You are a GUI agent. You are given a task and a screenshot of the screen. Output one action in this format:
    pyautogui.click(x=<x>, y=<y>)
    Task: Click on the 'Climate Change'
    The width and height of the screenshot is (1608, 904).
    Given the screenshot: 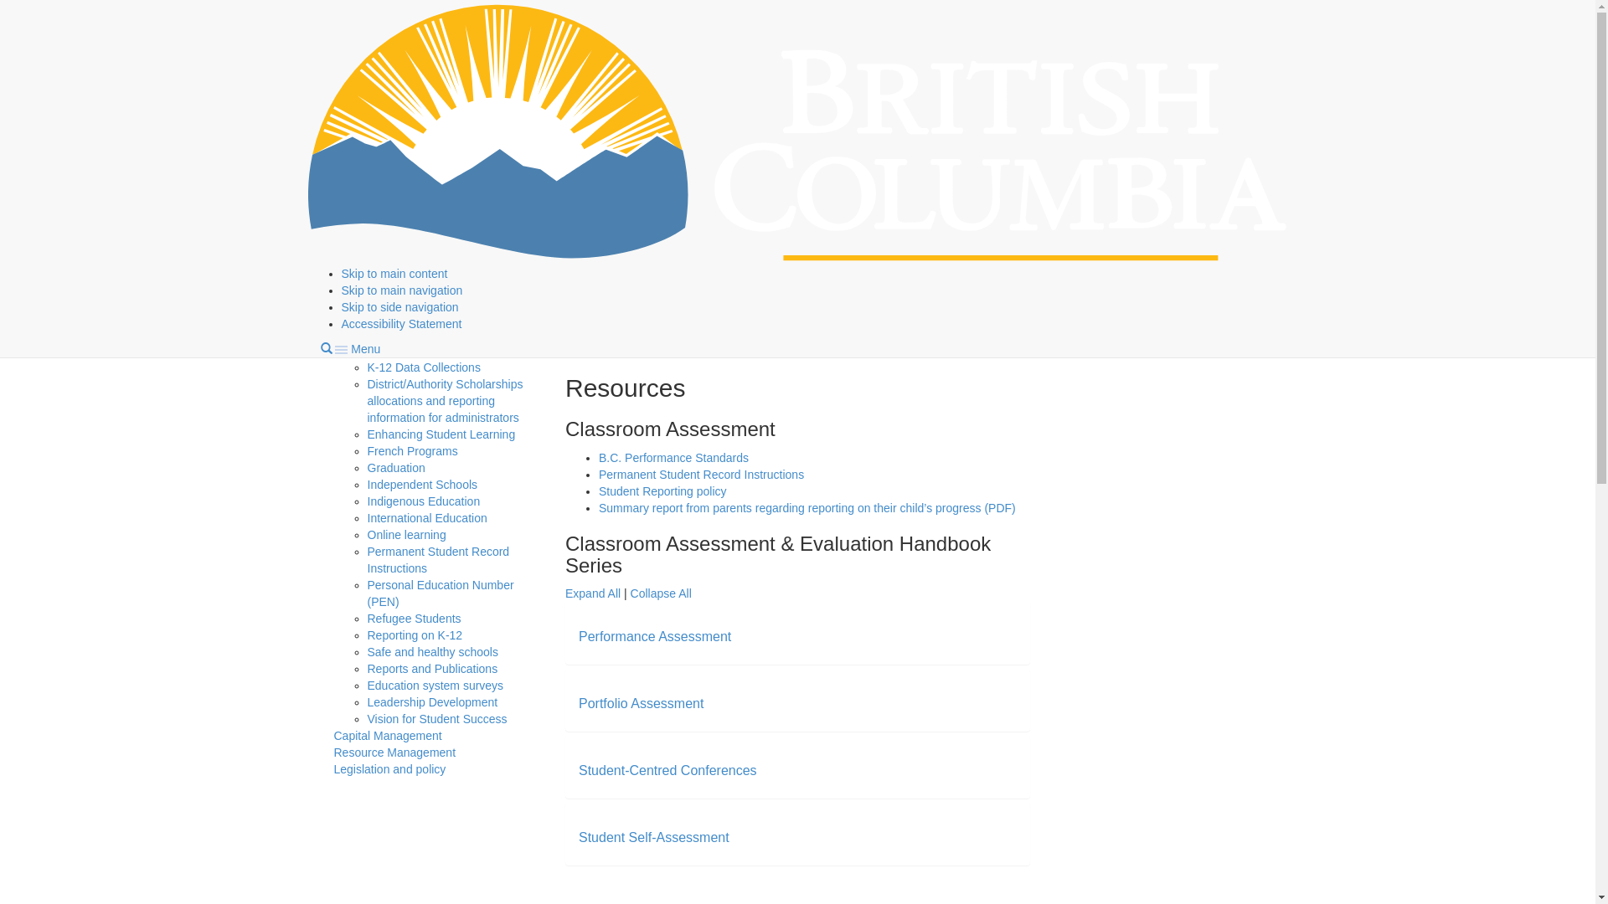 What is the action you would take?
    pyautogui.click(x=409, y=333)
    